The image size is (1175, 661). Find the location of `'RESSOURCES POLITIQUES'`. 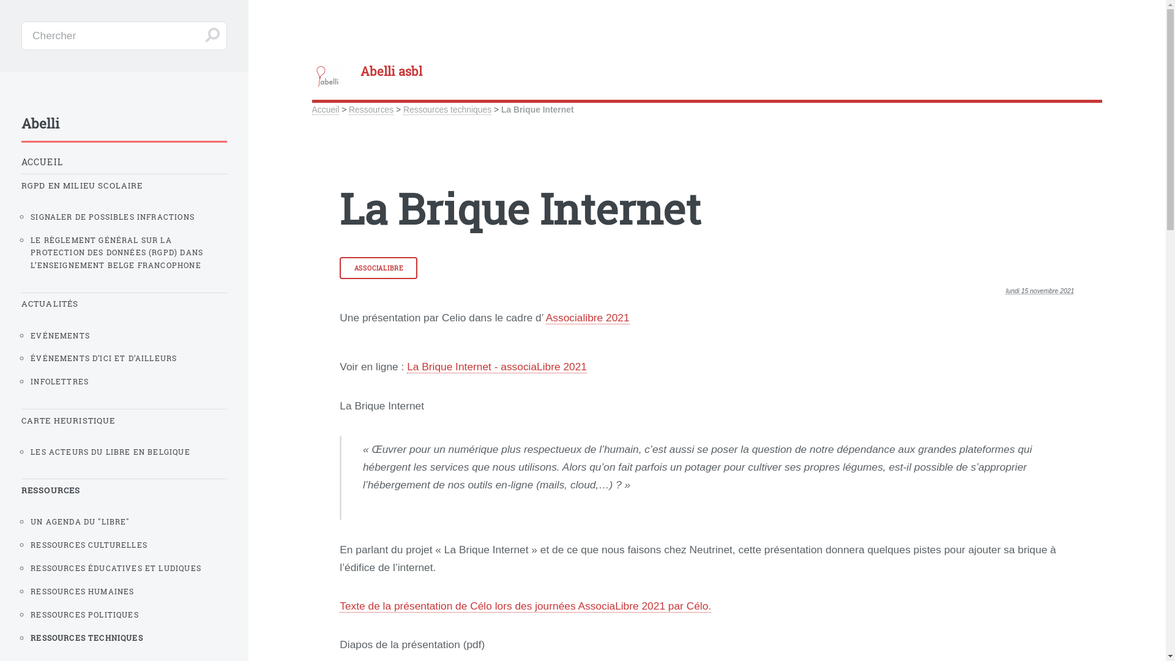

'RESSOURCES POLITIQUES' is located at coordinates (129, 614).